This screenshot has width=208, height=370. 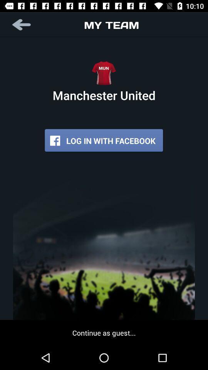 I want to click on the item to the left of my team item, so click(x=22, y=25).